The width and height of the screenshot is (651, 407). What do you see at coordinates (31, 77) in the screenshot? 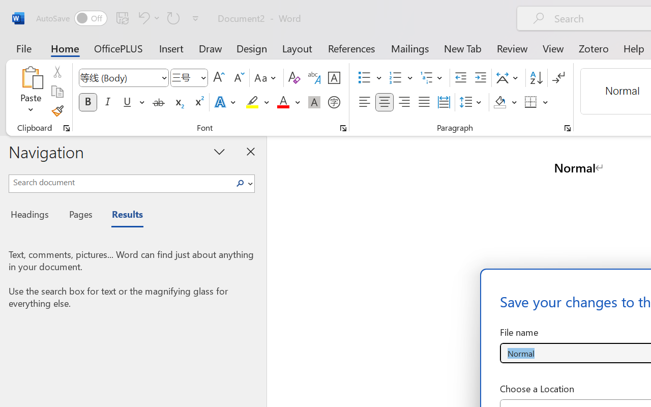
I see `'Paste'` at bounding box center [31, 77].